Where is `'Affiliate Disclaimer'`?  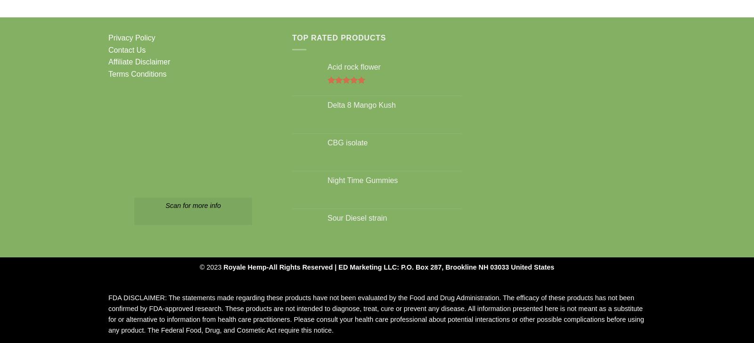
'Affiliate Disclaimer' is located at coordinates (139, 61).